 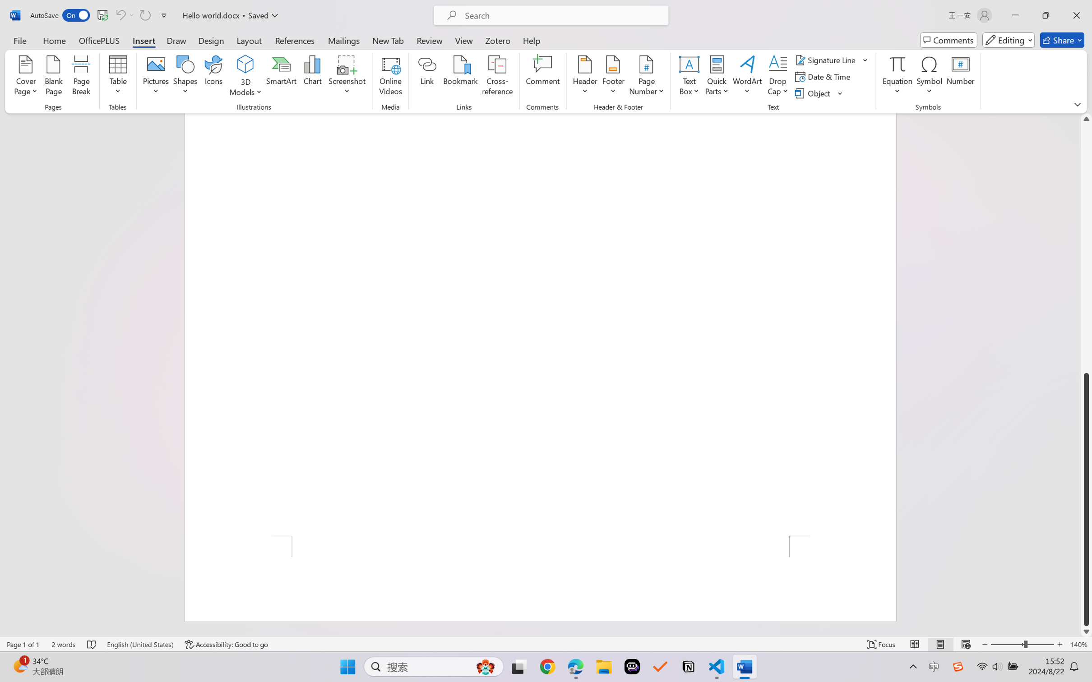 What do you see at coordinates (391, 77) in the screenshot?
I see `'Online Videos...'` at bounding box center [391, 77].